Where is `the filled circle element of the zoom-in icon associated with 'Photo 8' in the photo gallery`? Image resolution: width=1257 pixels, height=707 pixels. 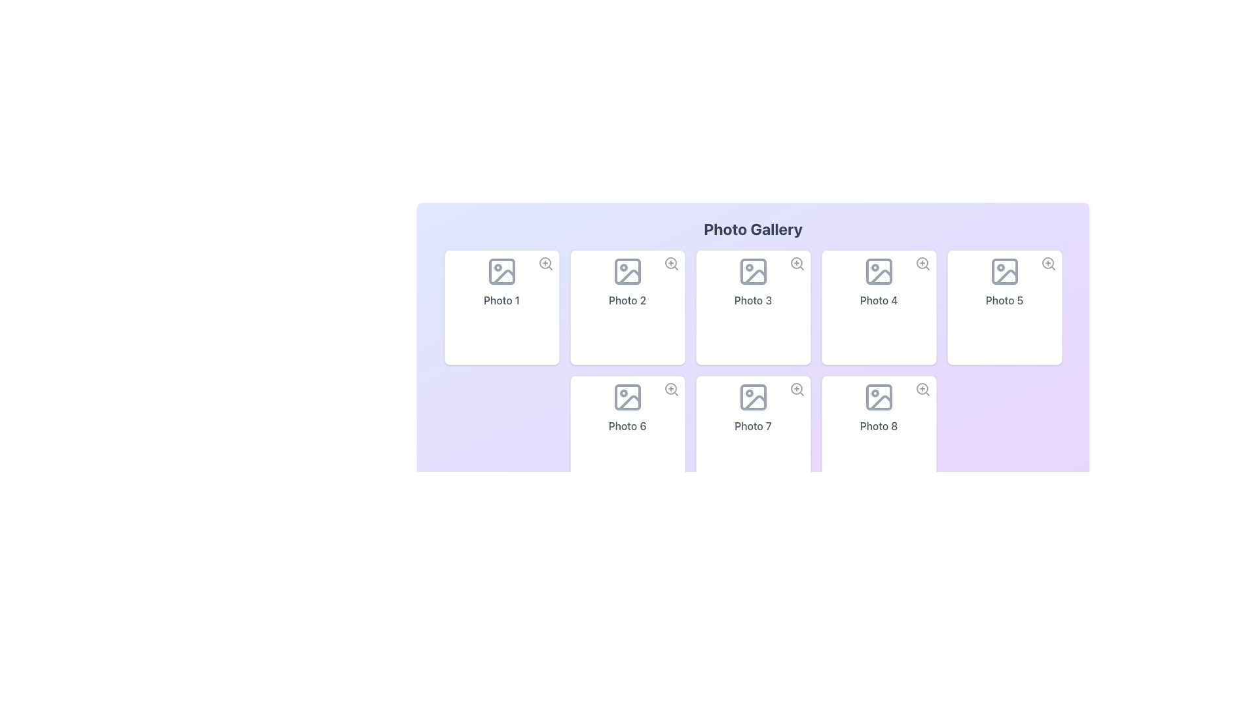
the filled circle element of the zoom-in icon associated with 'Photo 8' in the photo gallery is located at coordinates (921, 388).